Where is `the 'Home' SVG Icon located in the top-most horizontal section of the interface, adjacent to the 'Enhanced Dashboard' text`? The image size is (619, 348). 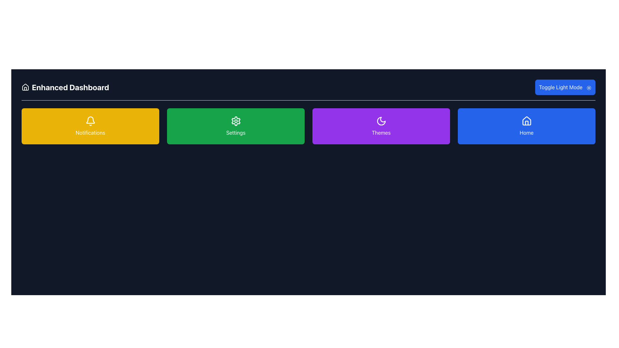
the 'Home' SVG Icon located in the top-most horizontal section of the interface, adjacent to the 'Enhanced Dashboard' text is located at coordinates (25, 87).